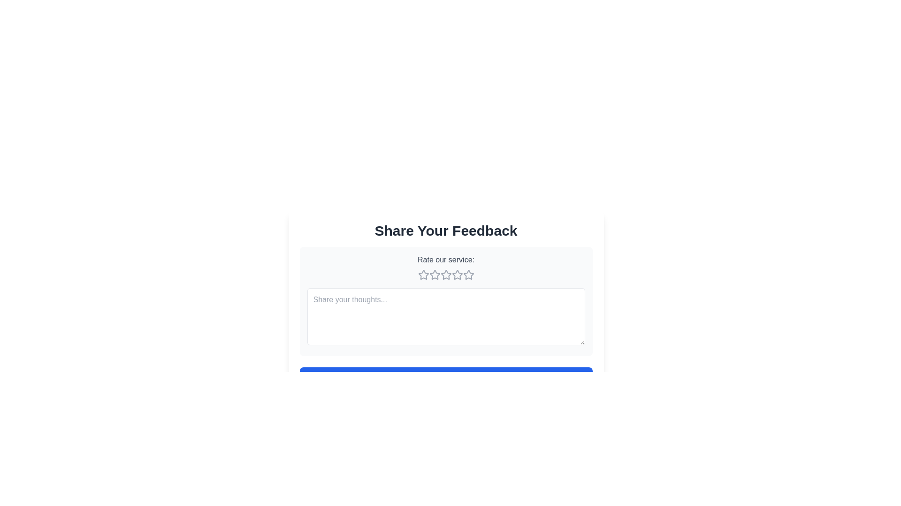 The width and height of the screenshot is (901, 506). I want to click on the Text Display (Header) element which serves as a title for the feedback section, guiding users to share their thoughts, so click(445, 231).